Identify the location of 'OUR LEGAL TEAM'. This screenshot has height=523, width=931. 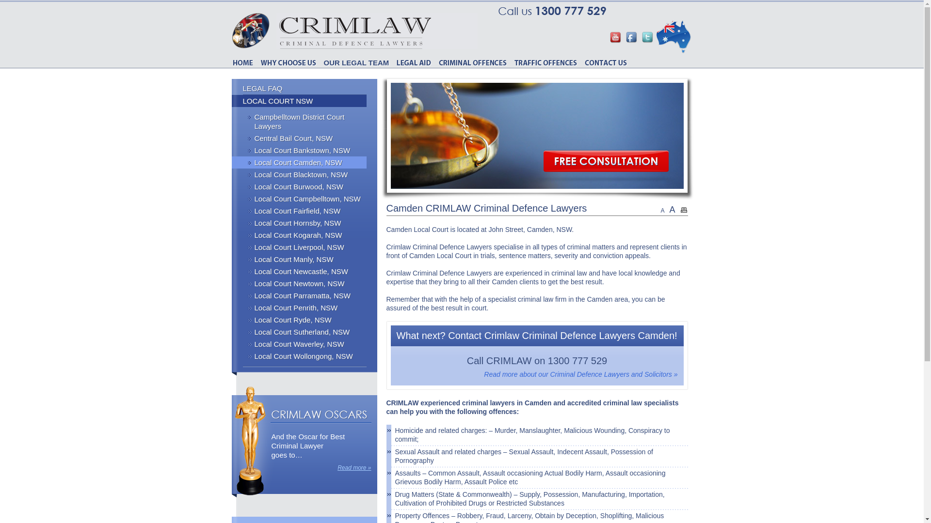
(356, 63).